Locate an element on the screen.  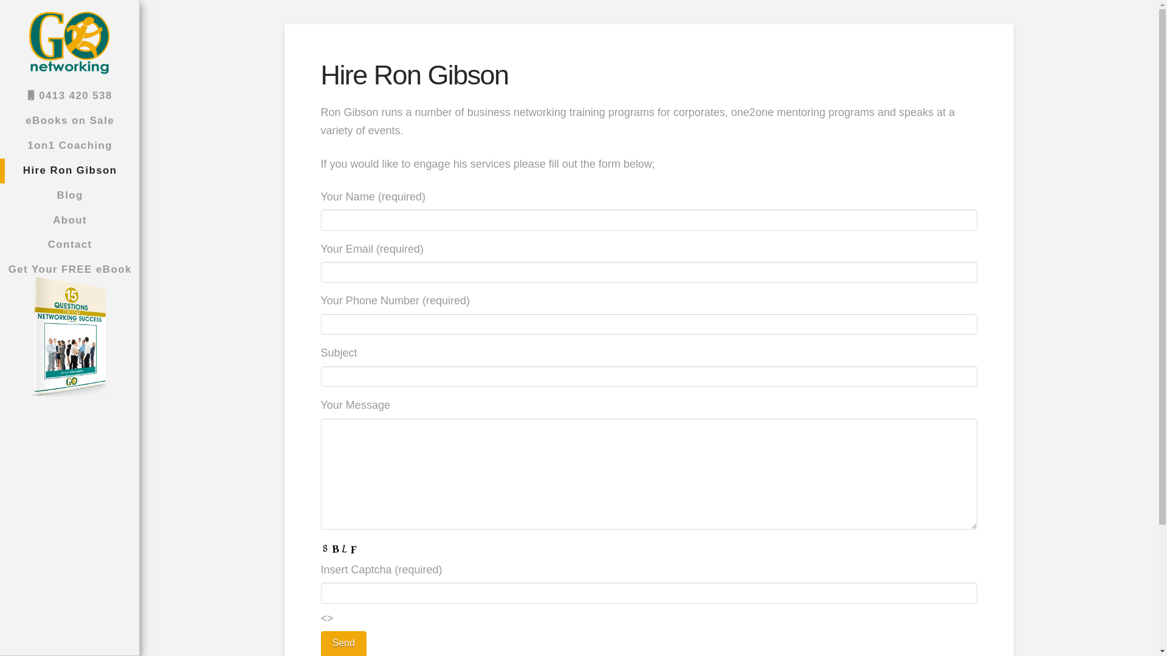
'Get Your FREE eBook' is located at coordinates (69, 337).